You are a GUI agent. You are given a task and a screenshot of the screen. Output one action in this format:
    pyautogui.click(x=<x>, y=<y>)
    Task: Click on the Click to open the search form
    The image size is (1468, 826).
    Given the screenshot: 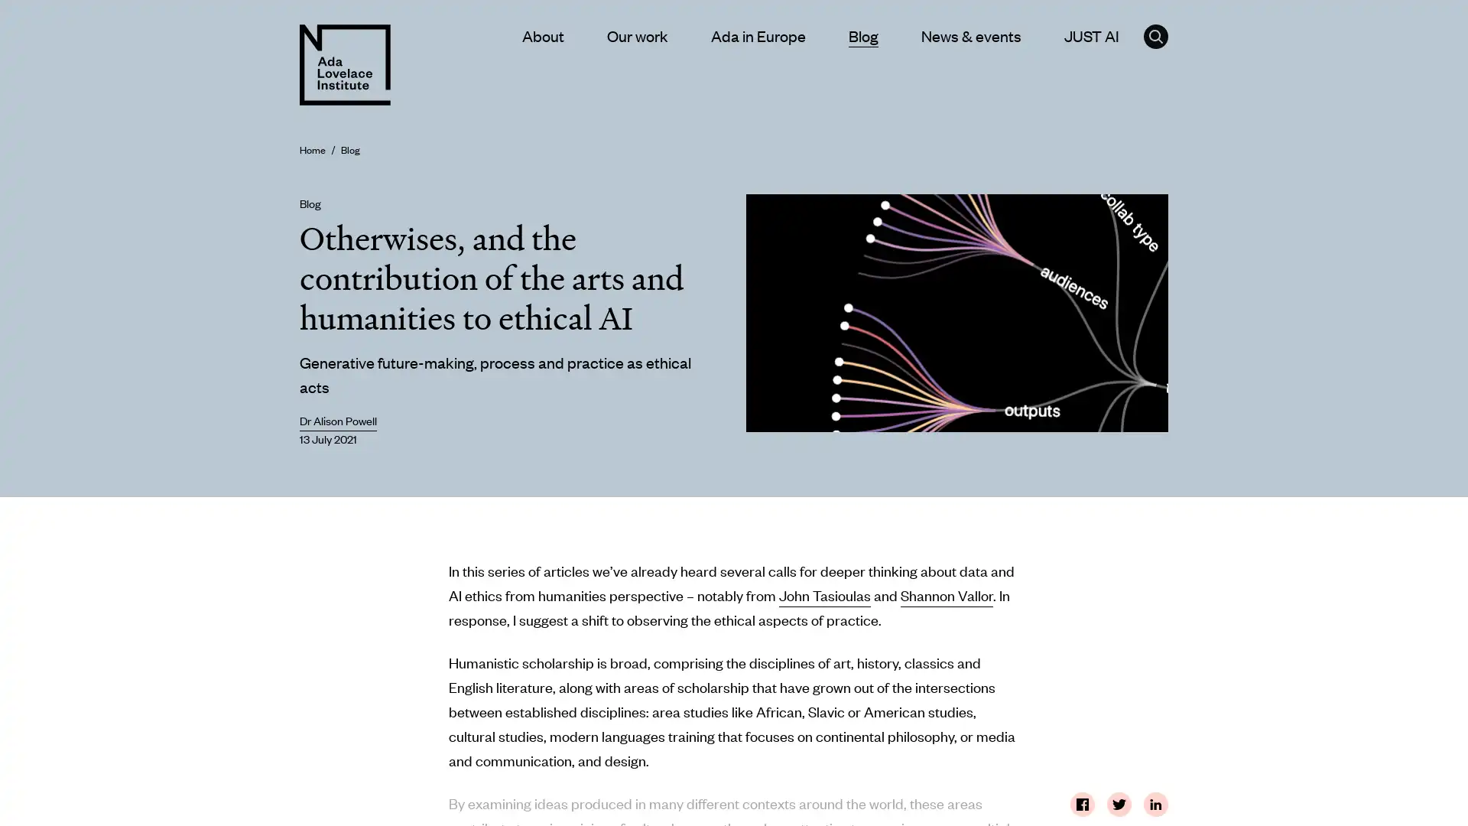 What is the action you would take?
    pyautogui.click(x=1156, y=35)
    